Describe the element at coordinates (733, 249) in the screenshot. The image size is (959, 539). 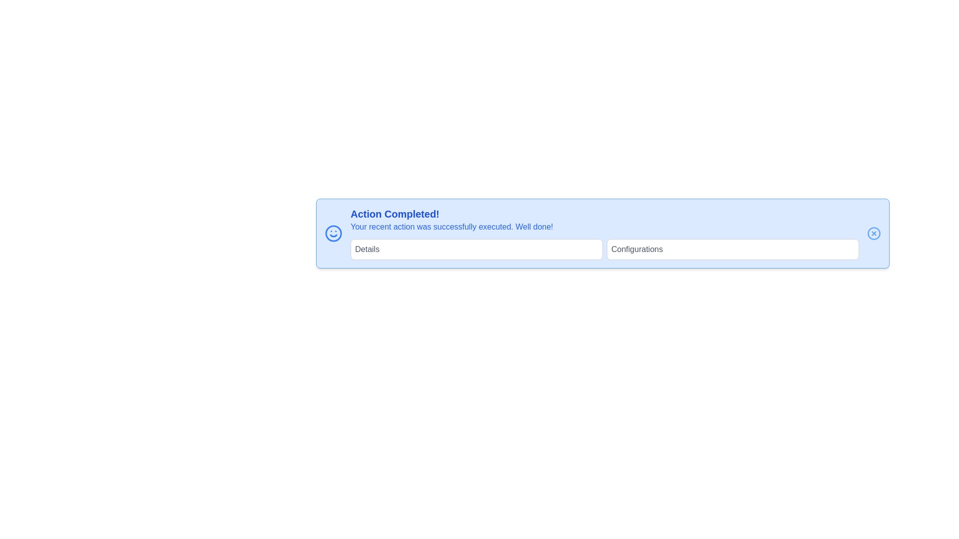
I see `the 'Configurations' button` at that location.